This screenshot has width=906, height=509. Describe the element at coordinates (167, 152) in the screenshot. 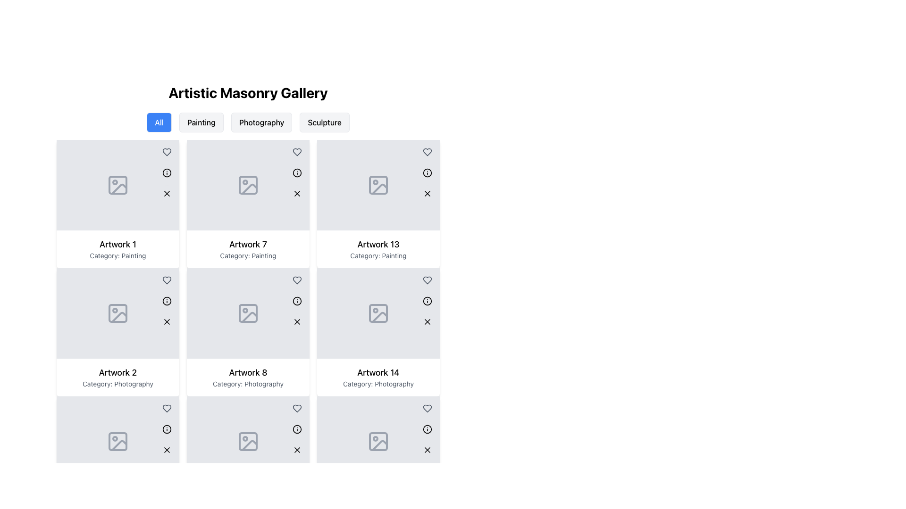

I see `the topmost heart icon in the vertical group of icons for 'Artwork 1' to mark it as a favorite` at that location.